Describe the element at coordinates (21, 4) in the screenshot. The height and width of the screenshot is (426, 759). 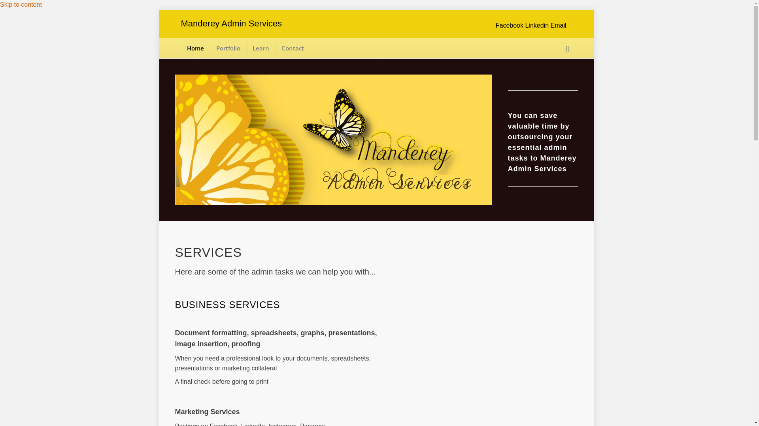
I see `'Skip to content'` at that location.